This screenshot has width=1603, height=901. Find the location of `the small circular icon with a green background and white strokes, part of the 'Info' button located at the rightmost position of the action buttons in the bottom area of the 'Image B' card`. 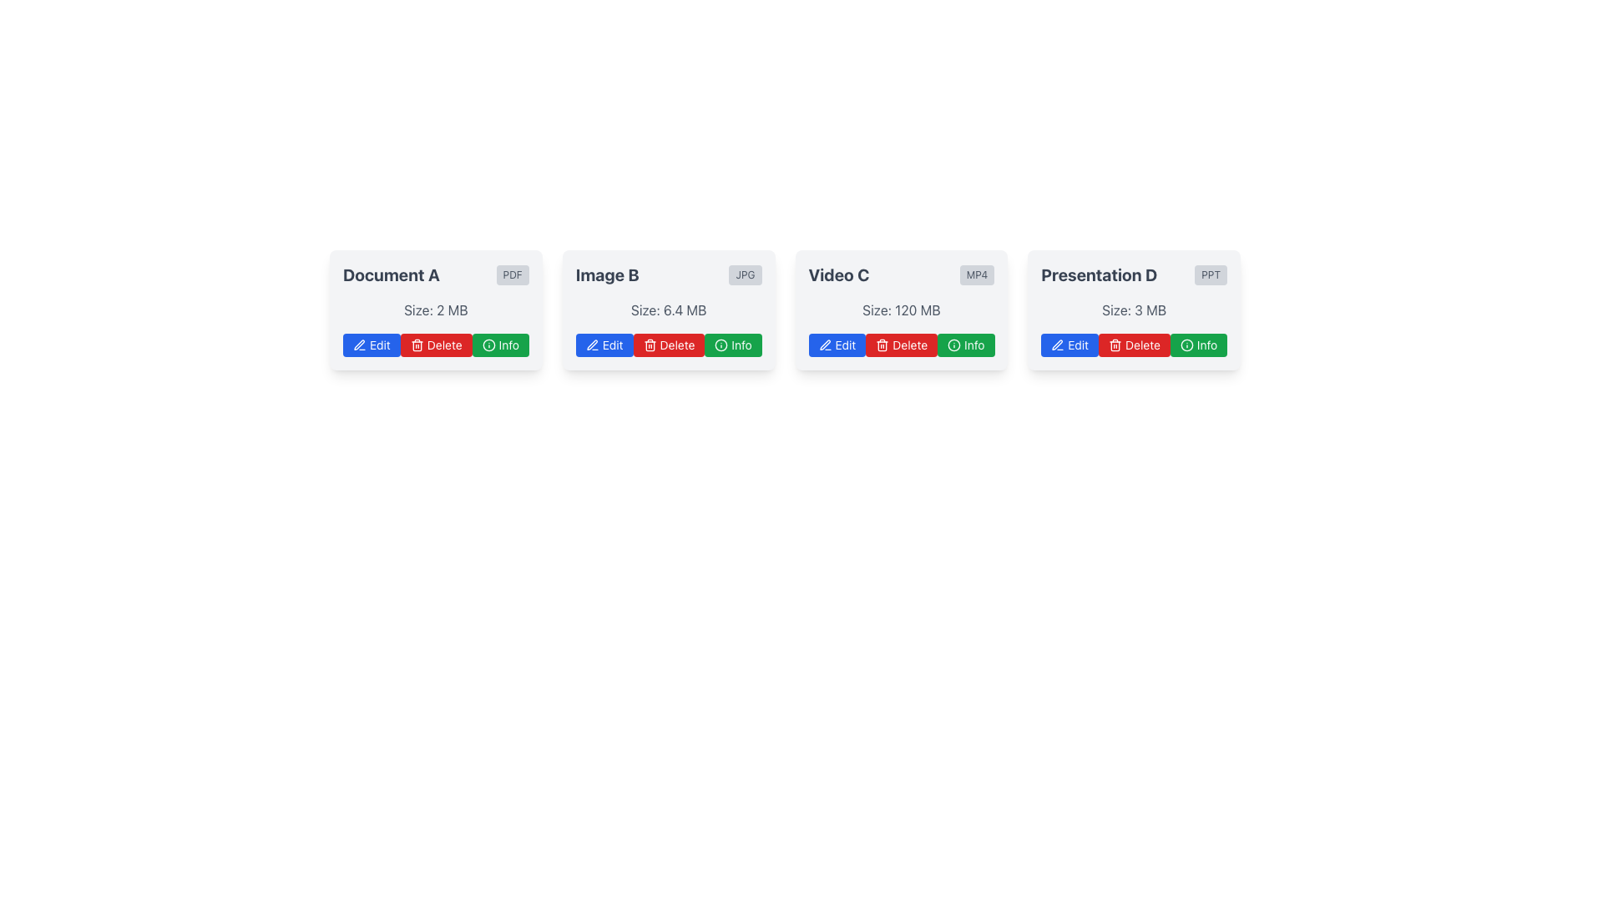

the small circular icon with a green background and white strokes, part of the 'Info' button located at the rightmost position of the action buttons in the bottom area of the 'Image B' card is located at coordinates (488, 344).